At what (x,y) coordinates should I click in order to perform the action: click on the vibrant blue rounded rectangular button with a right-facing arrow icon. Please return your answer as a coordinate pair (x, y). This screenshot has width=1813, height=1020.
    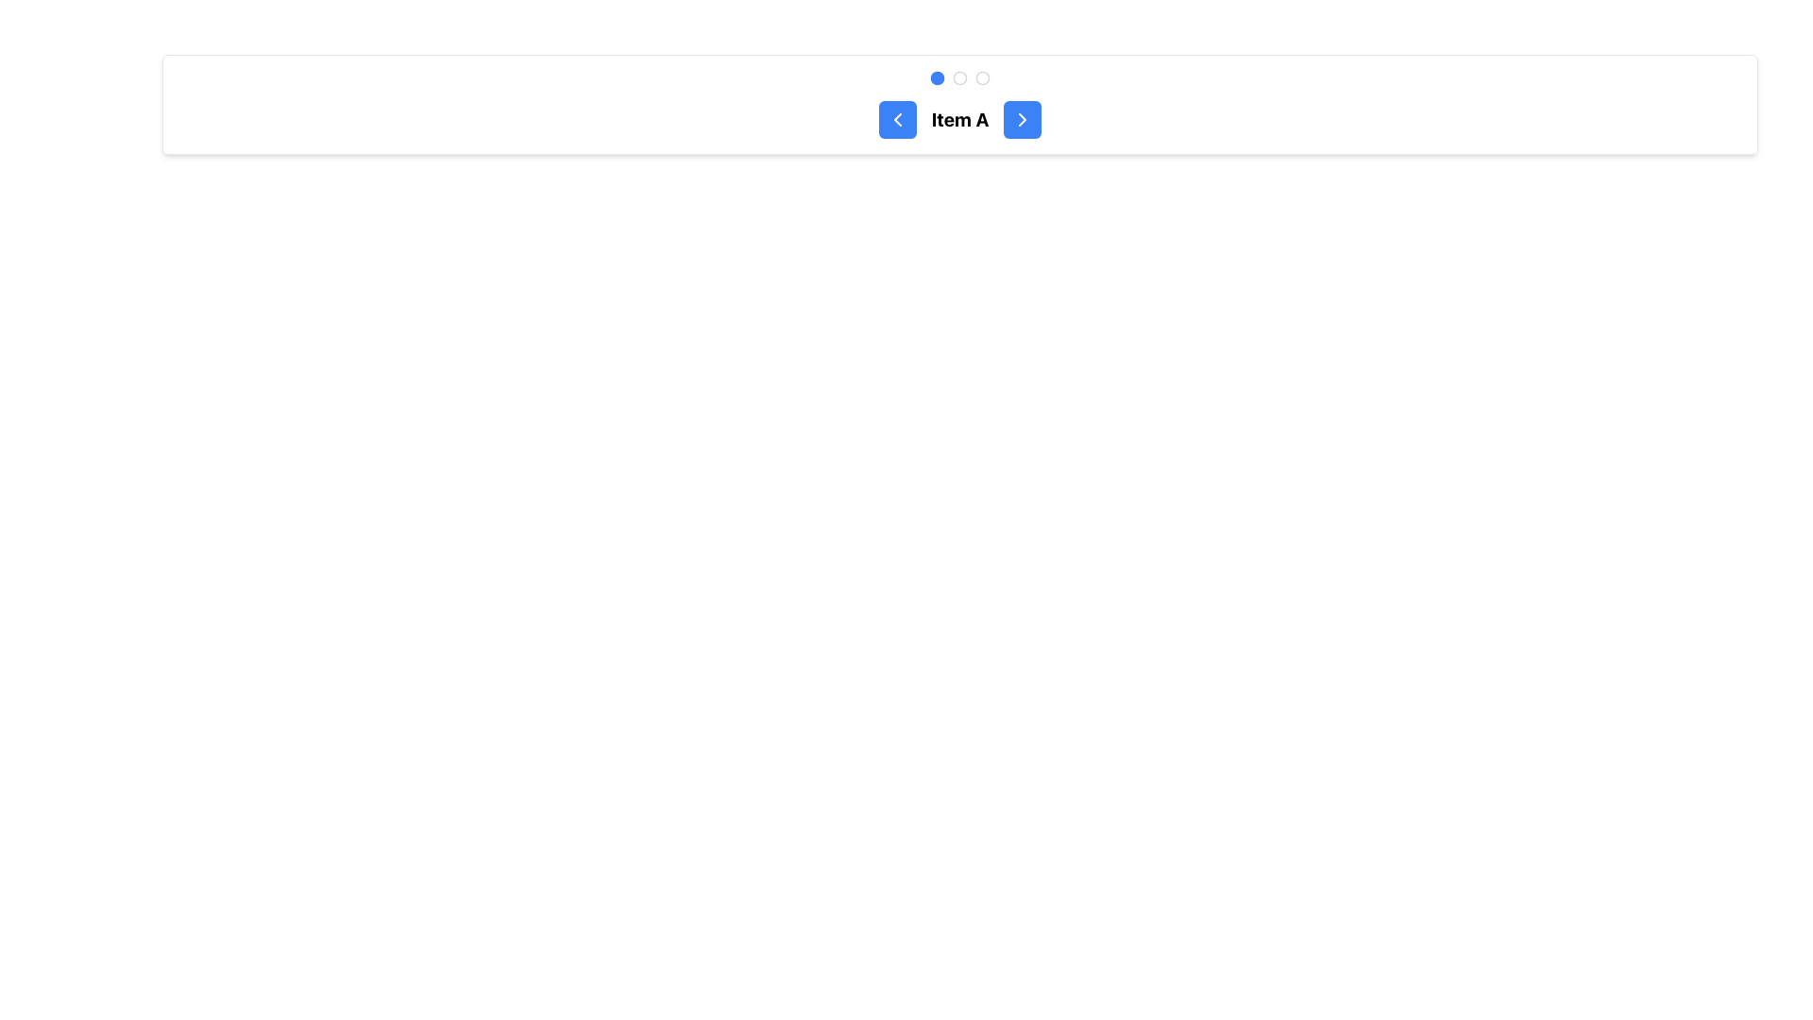
    Looking at the image, I should click on (1022, 120).